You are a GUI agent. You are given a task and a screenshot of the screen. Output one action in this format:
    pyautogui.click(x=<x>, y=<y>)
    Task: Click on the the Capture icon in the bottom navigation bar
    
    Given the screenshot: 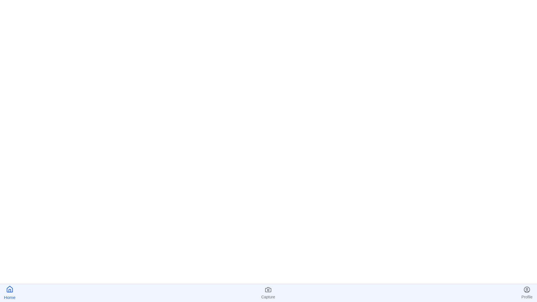 What is the action you would take?
    pyautogui.click(x=268, y=293)
    